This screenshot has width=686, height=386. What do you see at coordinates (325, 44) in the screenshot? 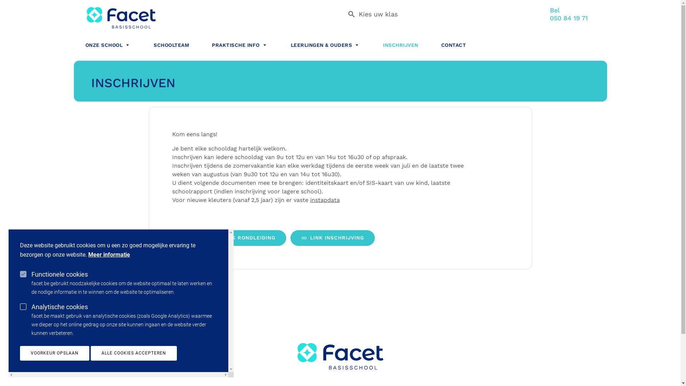
I see `'LEERLINGEN & OUDERS'` at bounding box center [325, 44].